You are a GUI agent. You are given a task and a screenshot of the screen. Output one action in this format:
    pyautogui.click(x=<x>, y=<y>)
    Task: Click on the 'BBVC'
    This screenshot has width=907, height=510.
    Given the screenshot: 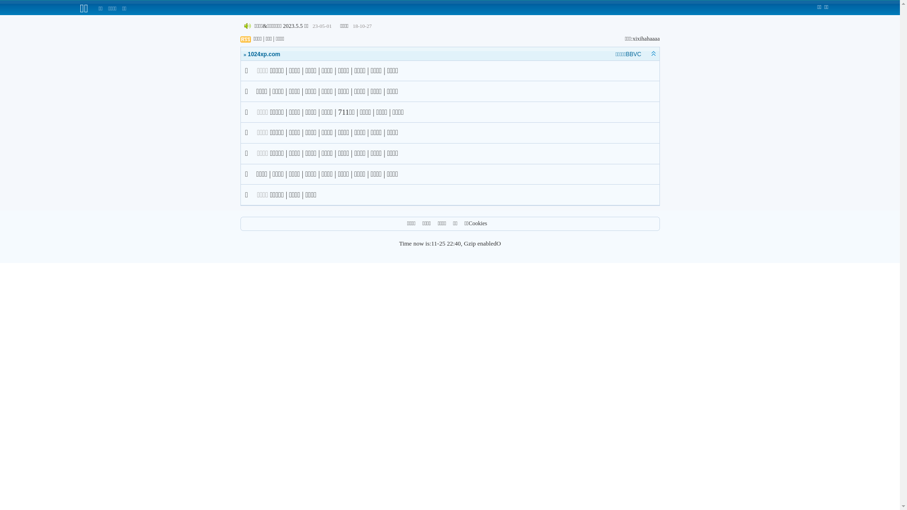 What is the action you would take?
    pyautogui.click(x=633, y=54)
    